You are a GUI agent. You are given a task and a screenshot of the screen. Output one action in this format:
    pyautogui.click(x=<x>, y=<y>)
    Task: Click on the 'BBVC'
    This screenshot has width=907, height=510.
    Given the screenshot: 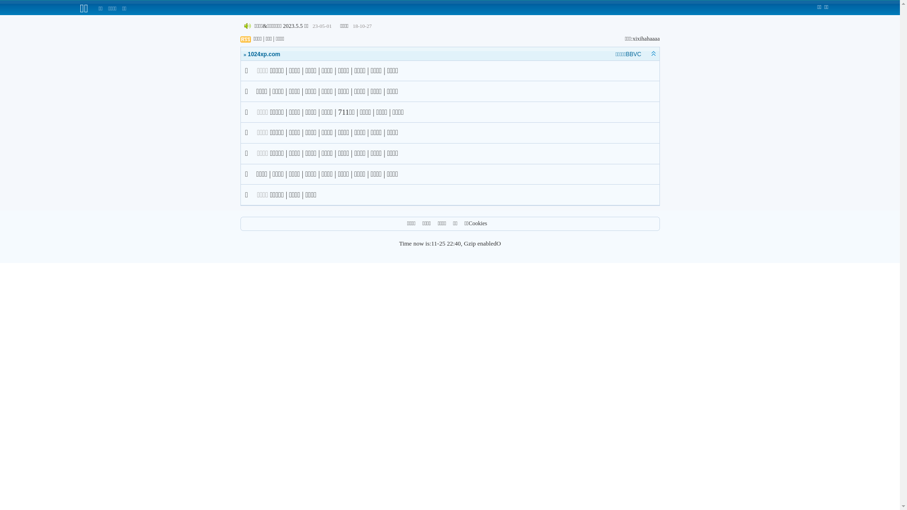 What is the action you would take?
    pyautogui.click(x=633, y=54)
    